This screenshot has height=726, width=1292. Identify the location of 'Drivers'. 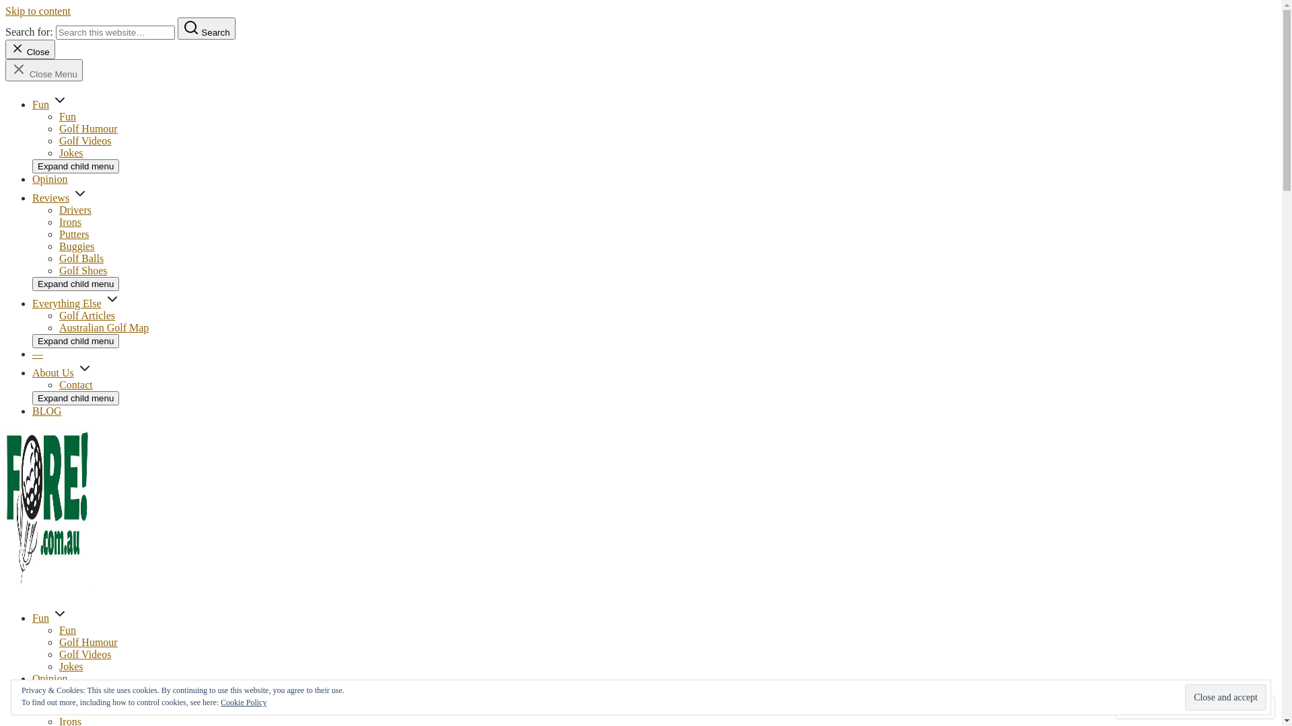
(74, 210).